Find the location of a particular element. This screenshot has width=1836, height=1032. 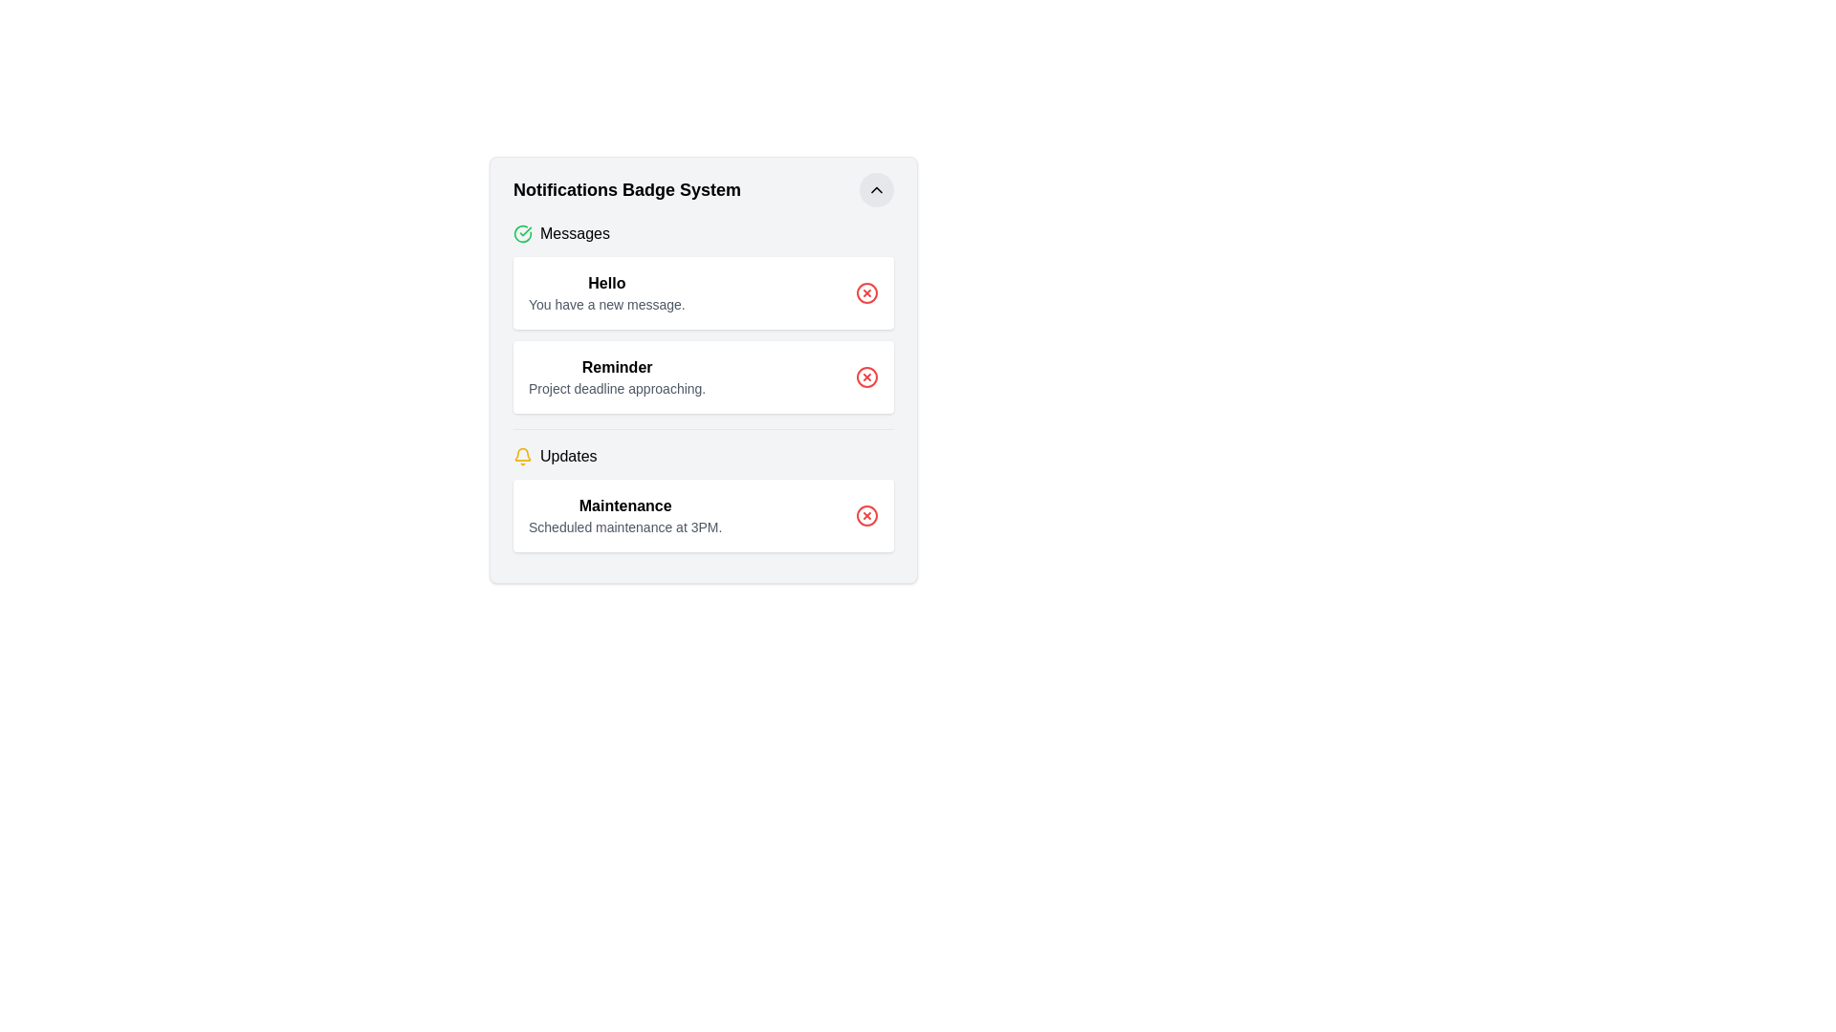

the bold text label that displays 'Hello', which is located at the top of a notification card in the 'Messages' section is located at coordinates (605, 284).